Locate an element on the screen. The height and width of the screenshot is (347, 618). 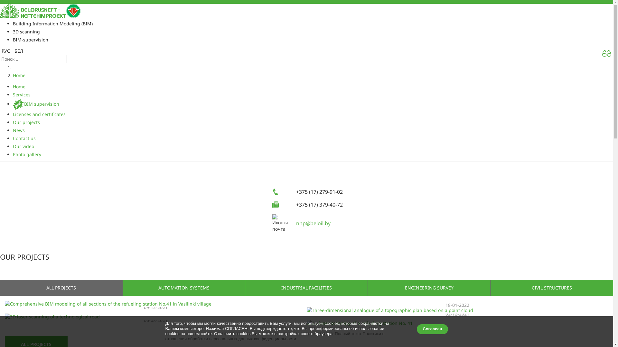
'Photo gallery' is located at coordinates (26, 154).